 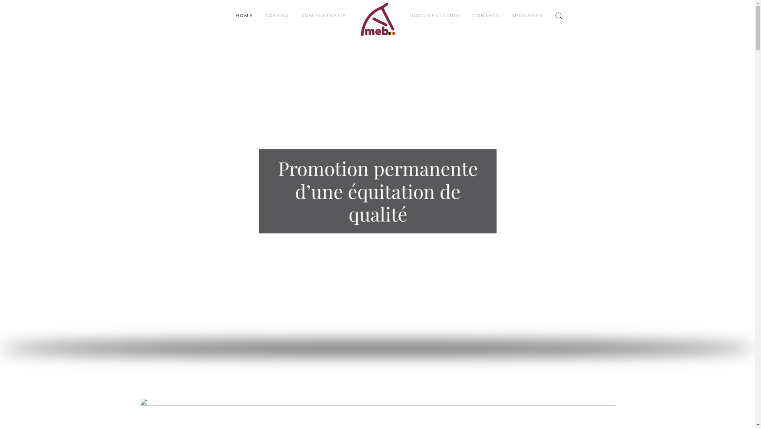 I want to click on 'ADMINISTRATIF', so click(x=323, y=15).